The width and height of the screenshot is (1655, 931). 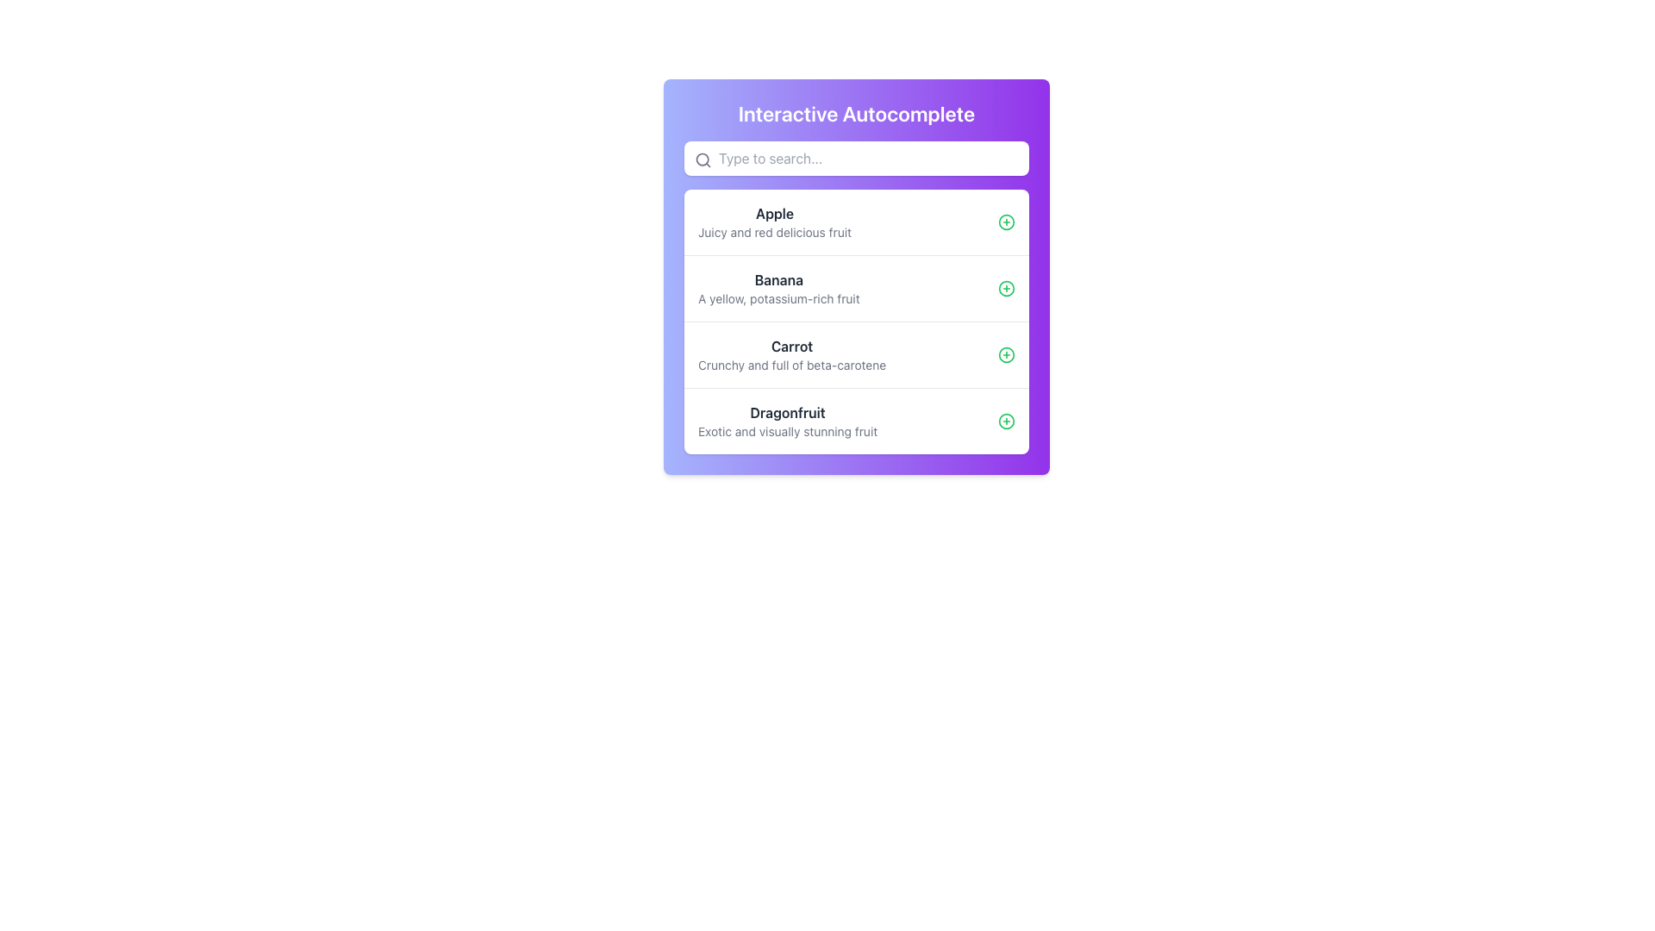 I want to click on the first selectable list item for 'Apple' in the 'Interactive Autocomplete' box, so click(x=856, y=222).